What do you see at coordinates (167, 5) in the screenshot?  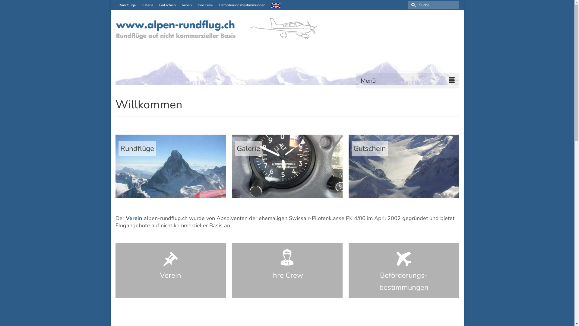 I see `'Gutschein'` at bounding box center [167, 5].